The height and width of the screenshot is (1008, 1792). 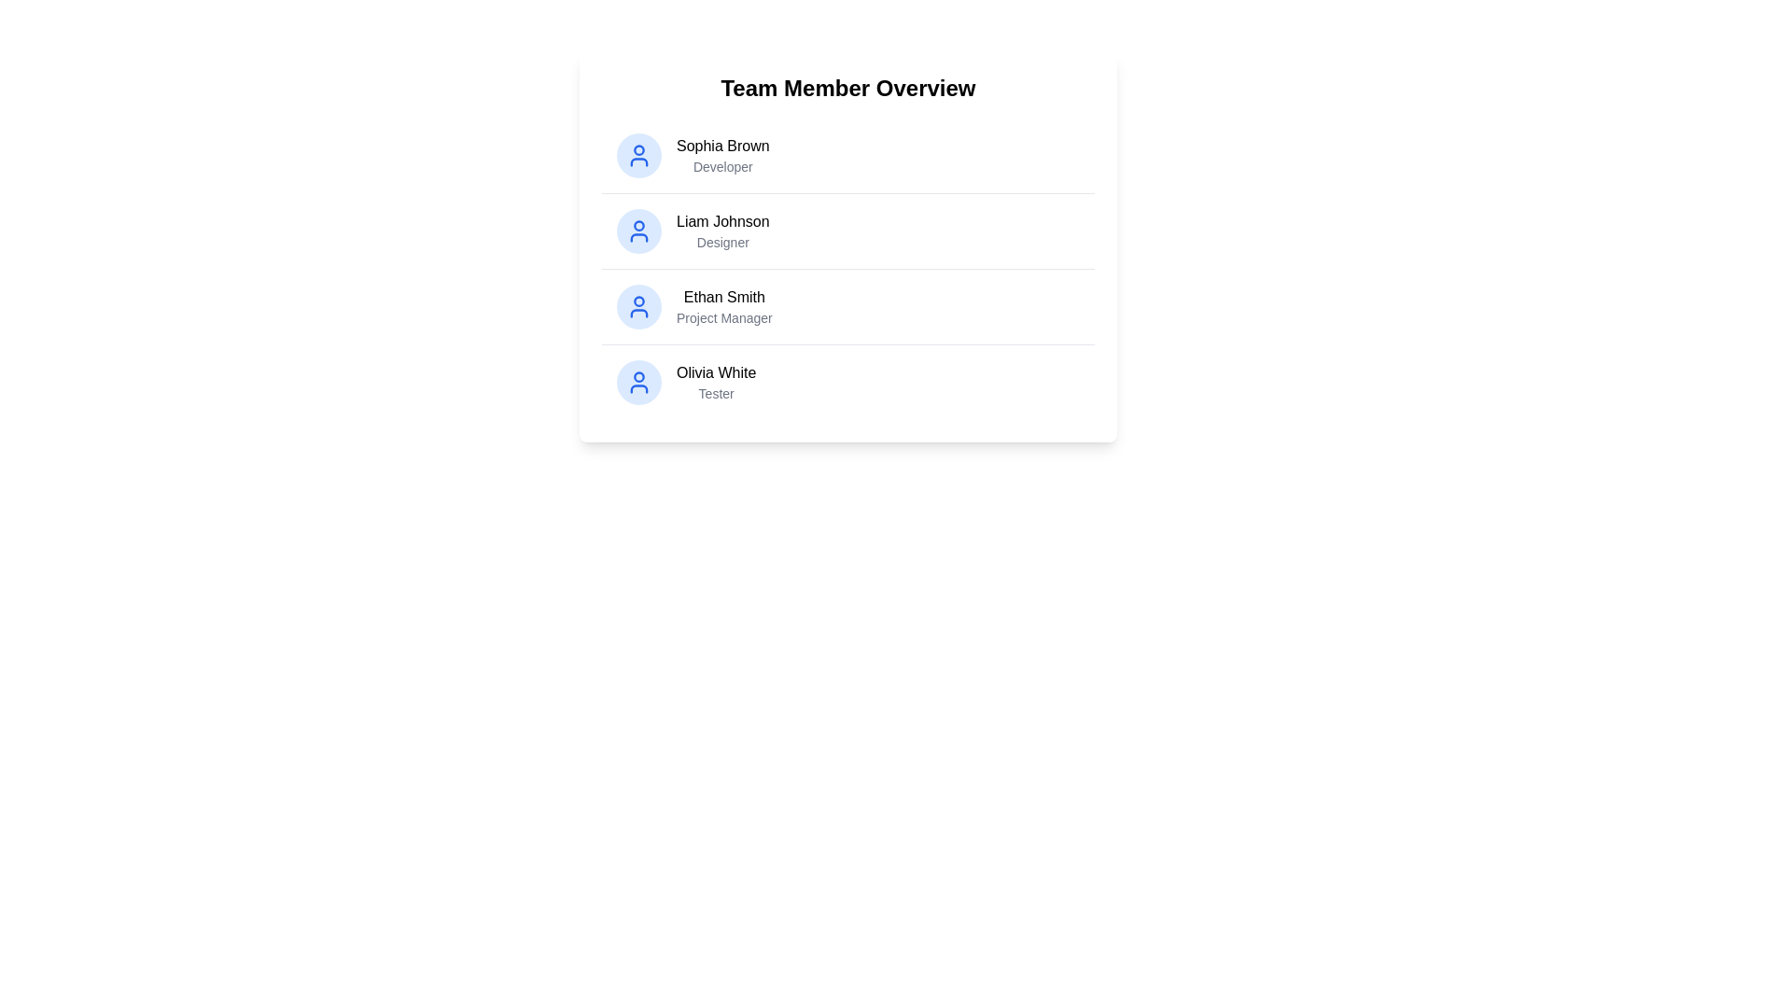 What do you see at coordinates (639, 230) in the screenshot?
I see `the circular avatar icon with a light blue background and a blue user silhouette, located to the left of the text 'Liam Johnson Designer'` at bounding box center [639, 230].